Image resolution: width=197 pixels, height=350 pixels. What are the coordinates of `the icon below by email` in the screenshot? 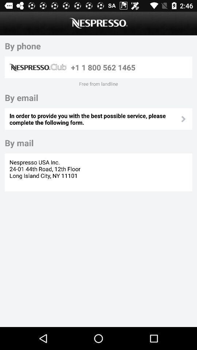 It's located at (94, 119).